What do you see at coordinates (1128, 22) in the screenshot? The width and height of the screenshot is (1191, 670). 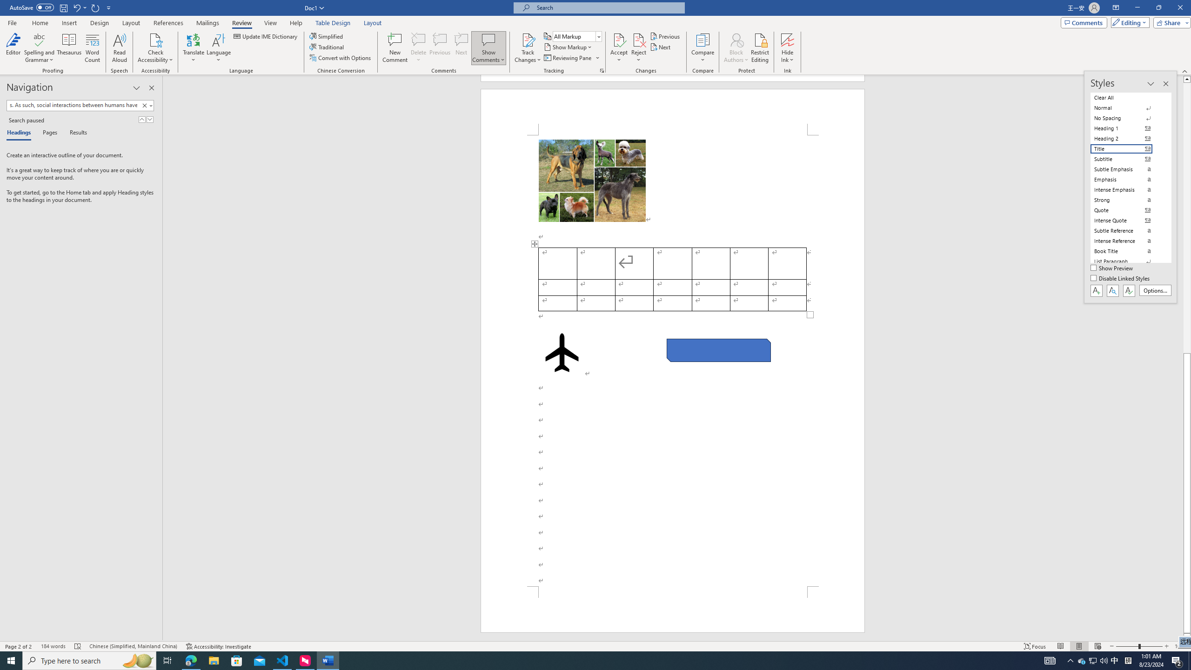 I see `'Editing'` at bounding box center [1128, 22].